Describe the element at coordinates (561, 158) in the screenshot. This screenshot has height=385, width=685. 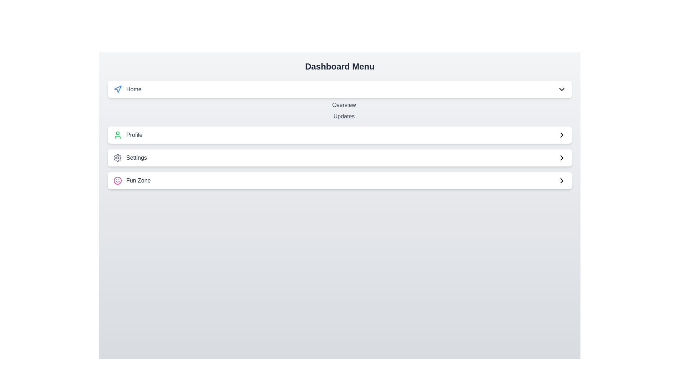
I see `the navigation icon in the 'Settings' menu` at that location.